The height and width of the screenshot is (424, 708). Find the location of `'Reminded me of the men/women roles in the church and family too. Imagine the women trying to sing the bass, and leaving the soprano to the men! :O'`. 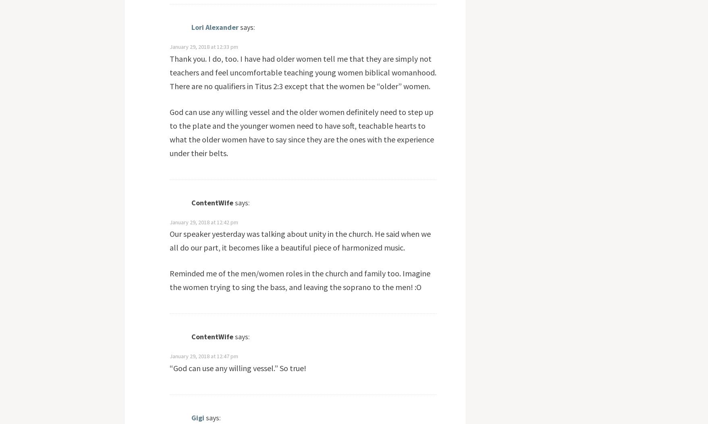

'Reminded me of the men/women roles in the church and family too. Imagine the women trying to sing the bass, and leaving the soprano to the men! :O' is located at coordinates (299, 280).